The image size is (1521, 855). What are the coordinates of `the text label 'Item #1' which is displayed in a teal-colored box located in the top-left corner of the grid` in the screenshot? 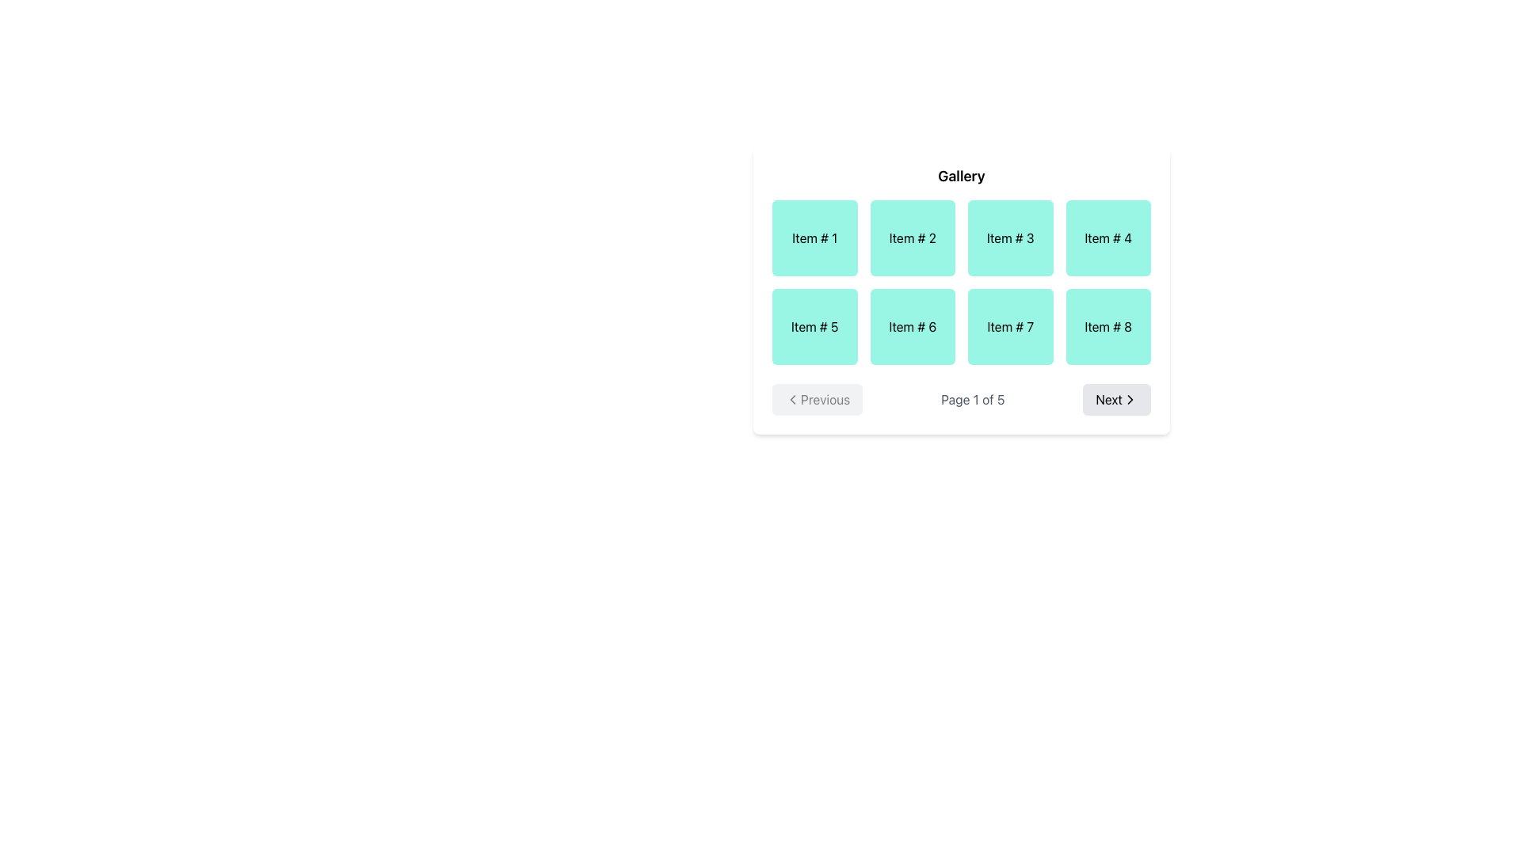 It's located at (814, 237).